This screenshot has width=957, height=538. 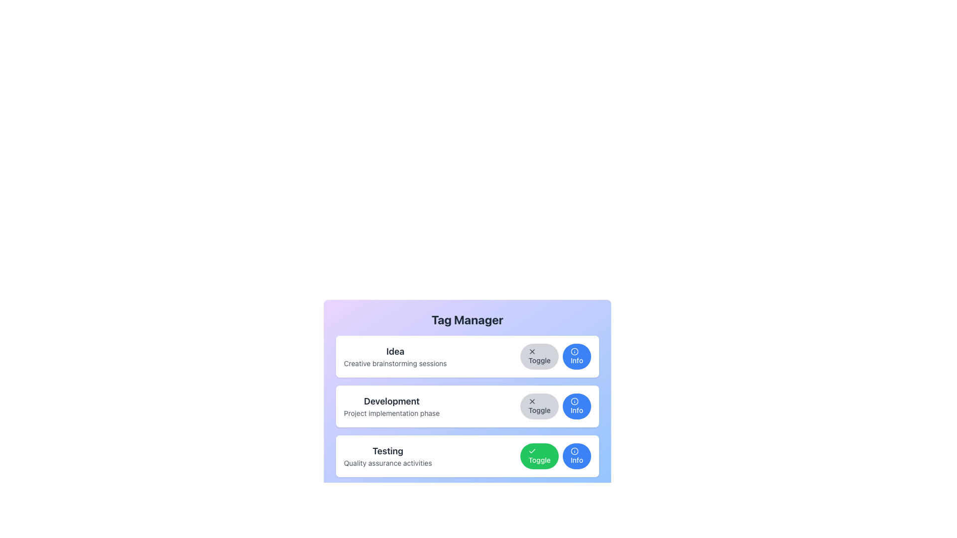 What do you see at coordinates (387, 451) in the screenshot?
I see `the title text element labeled 'Testing' in the third section of the 'Tag Manager' interface` at bounding box center [387, 451].